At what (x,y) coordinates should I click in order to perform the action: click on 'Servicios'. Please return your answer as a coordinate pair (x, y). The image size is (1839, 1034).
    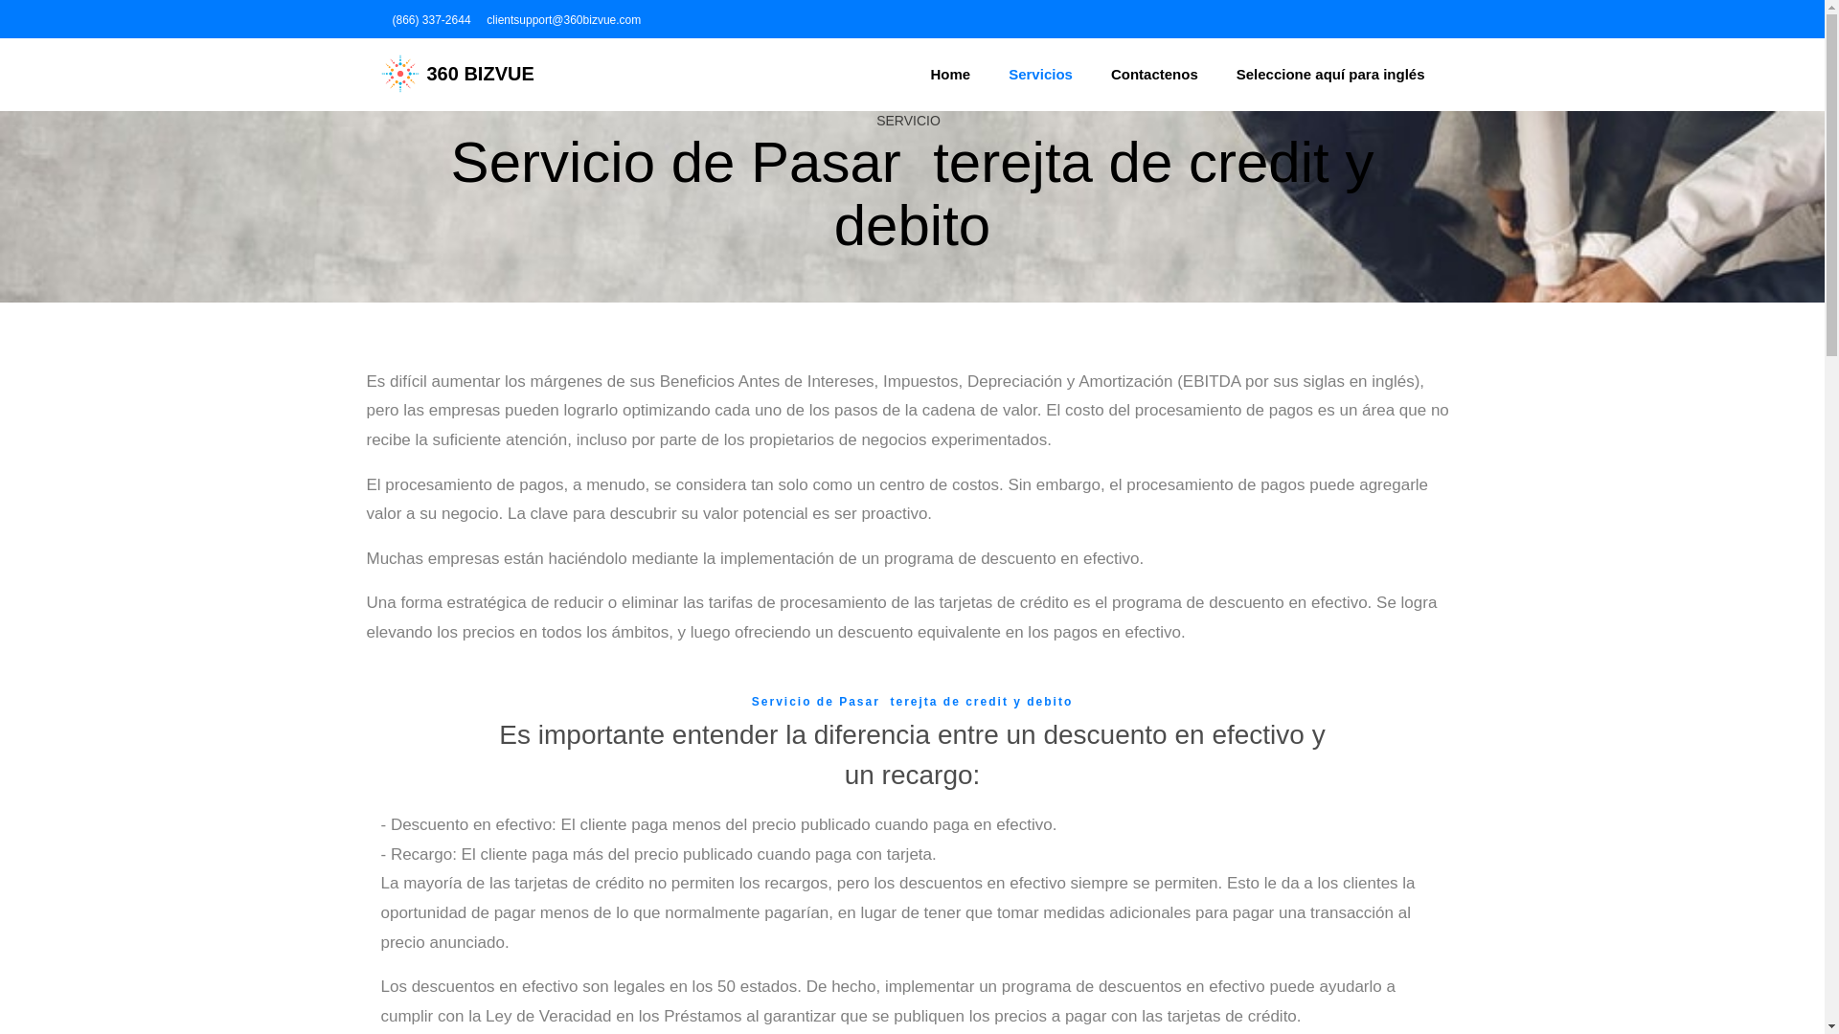
    Looking at the image, I should click on (1039, 73).